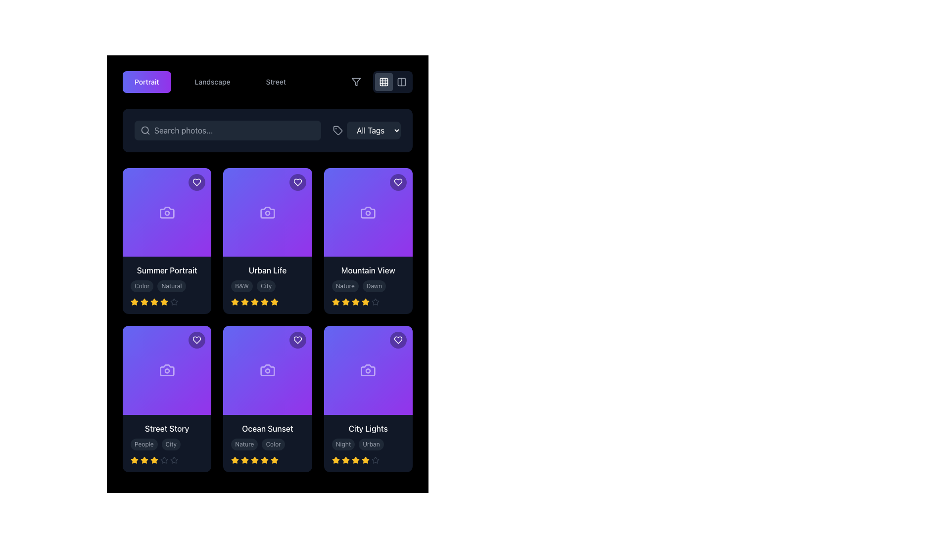 This screenshot has width=950, height=534. Describe the element at coordinates (275, 302) in the screenshot. I see `the fifth yellow star icon in the rating system below the 'Urban Life' card to interact with it` at that location.